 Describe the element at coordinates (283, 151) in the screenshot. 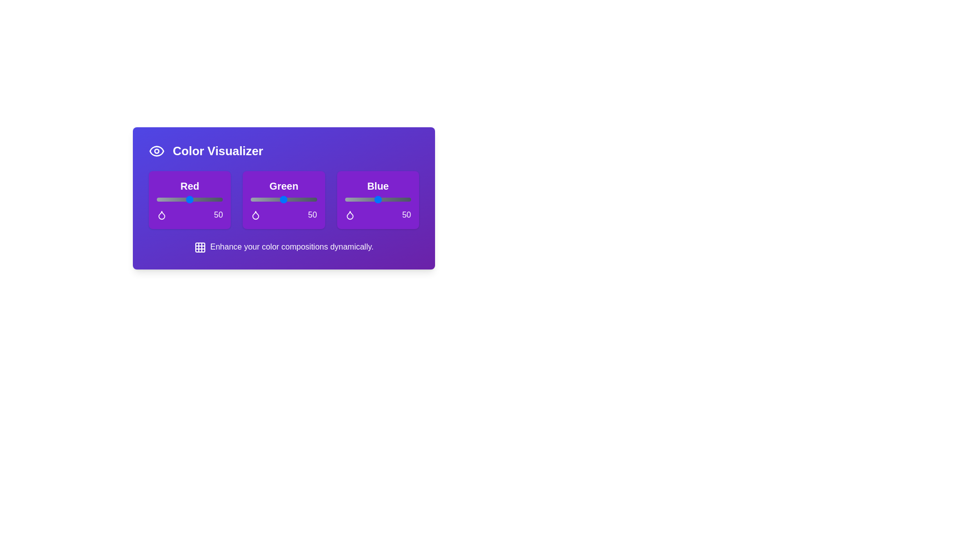

I see `the header text 'Color Visualizer'` at that location.